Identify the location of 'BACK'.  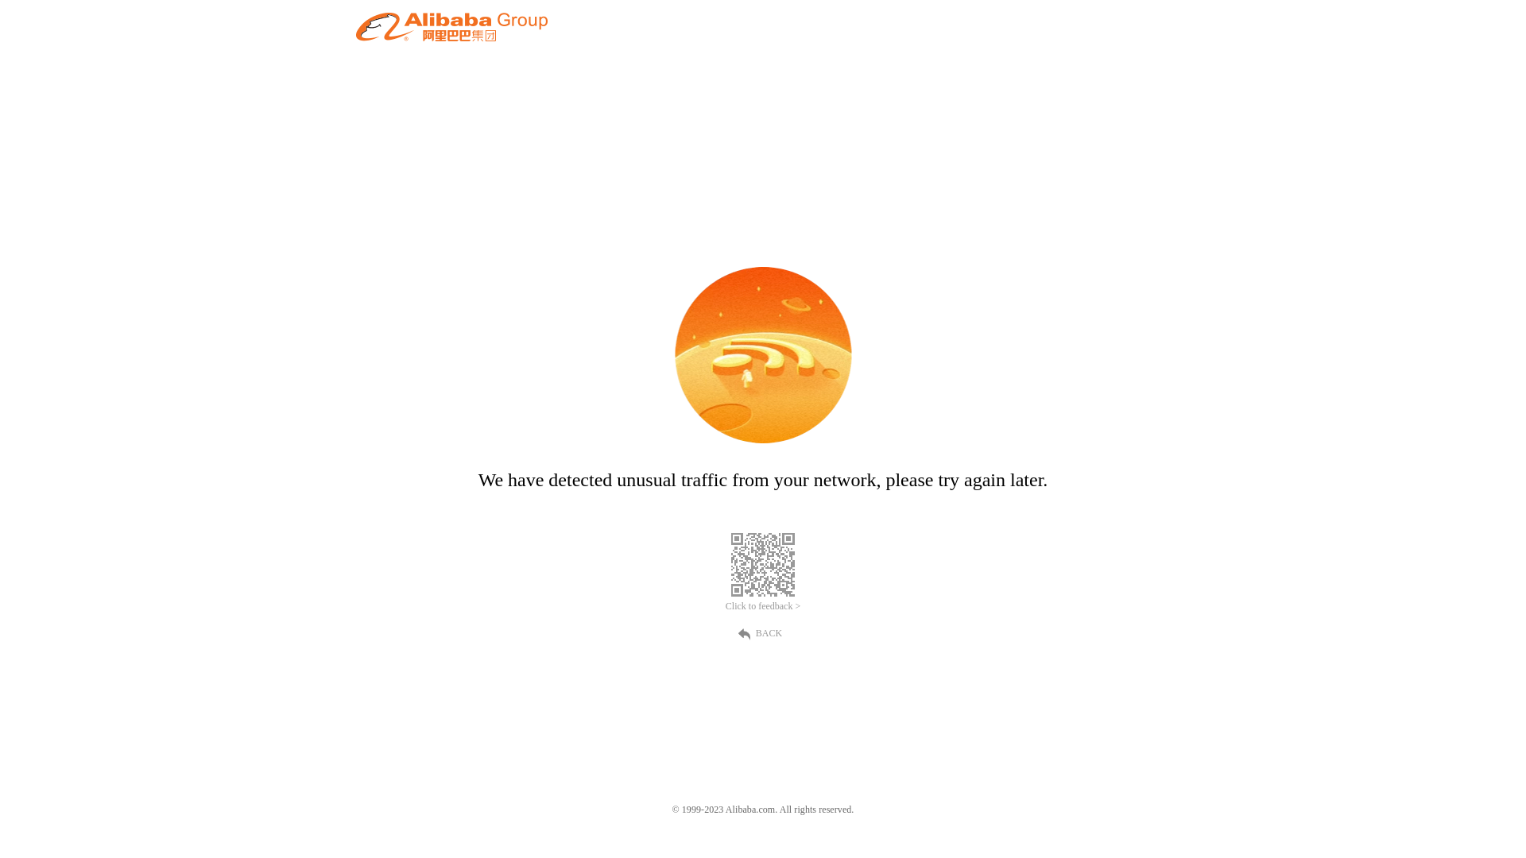
(763, 631).